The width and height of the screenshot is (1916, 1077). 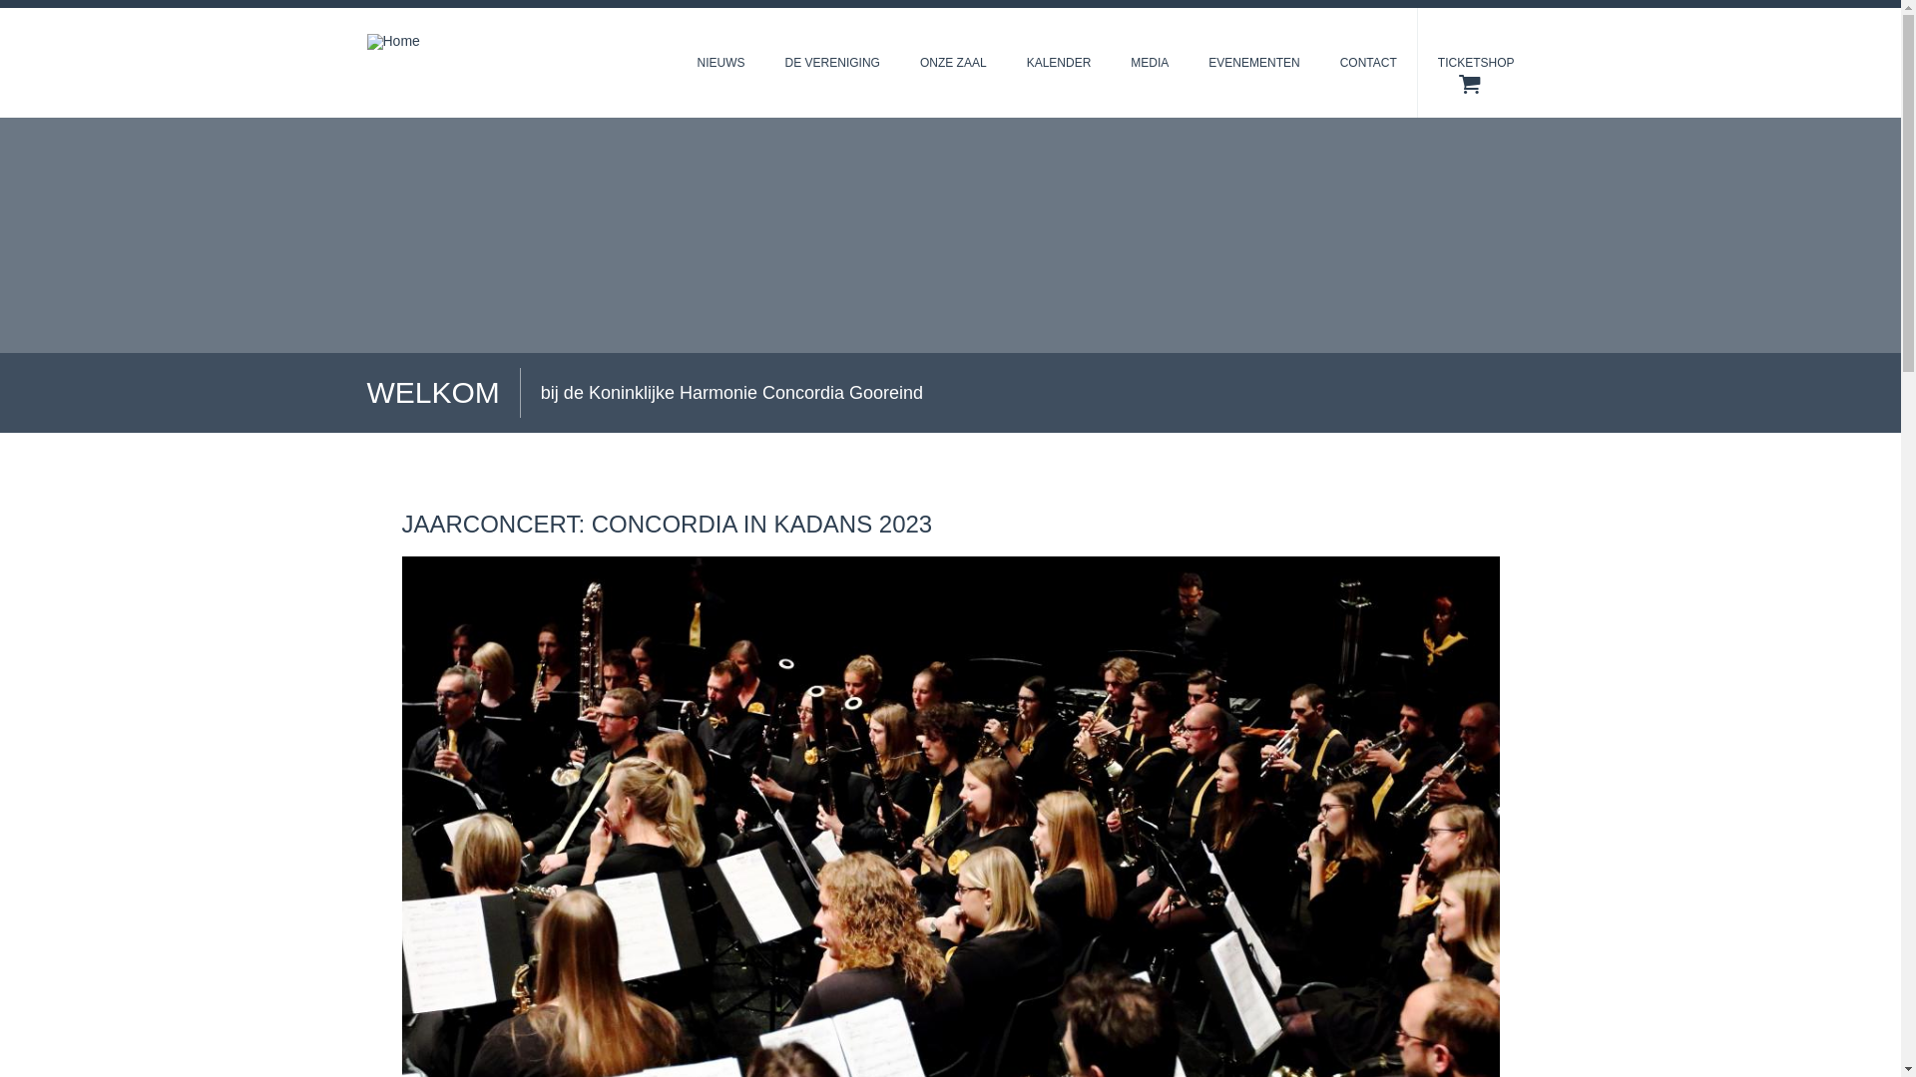 I want to click on 'CONTACT', so click(x=1367, y=61).